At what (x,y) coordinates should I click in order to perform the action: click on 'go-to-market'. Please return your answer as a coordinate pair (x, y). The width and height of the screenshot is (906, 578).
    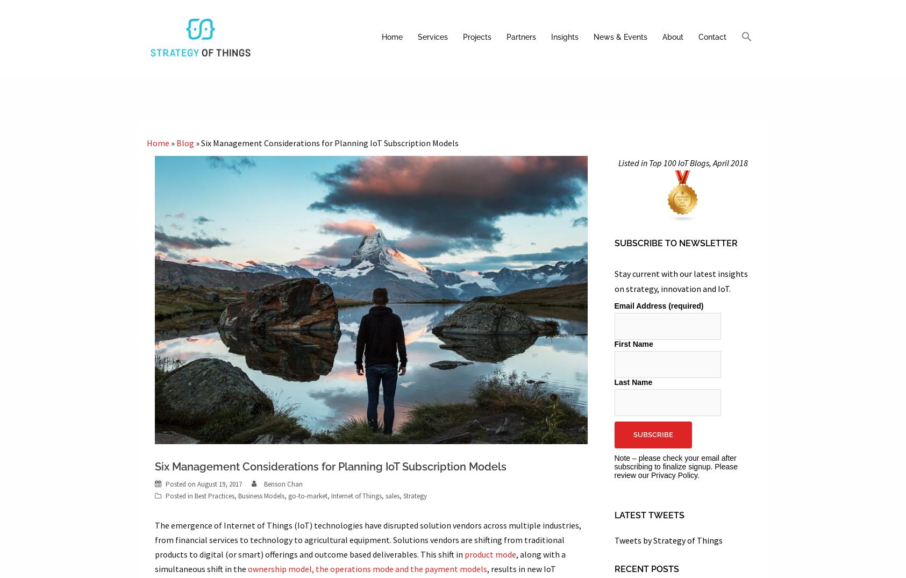
    Looking at the image, I should click on (307, 495).